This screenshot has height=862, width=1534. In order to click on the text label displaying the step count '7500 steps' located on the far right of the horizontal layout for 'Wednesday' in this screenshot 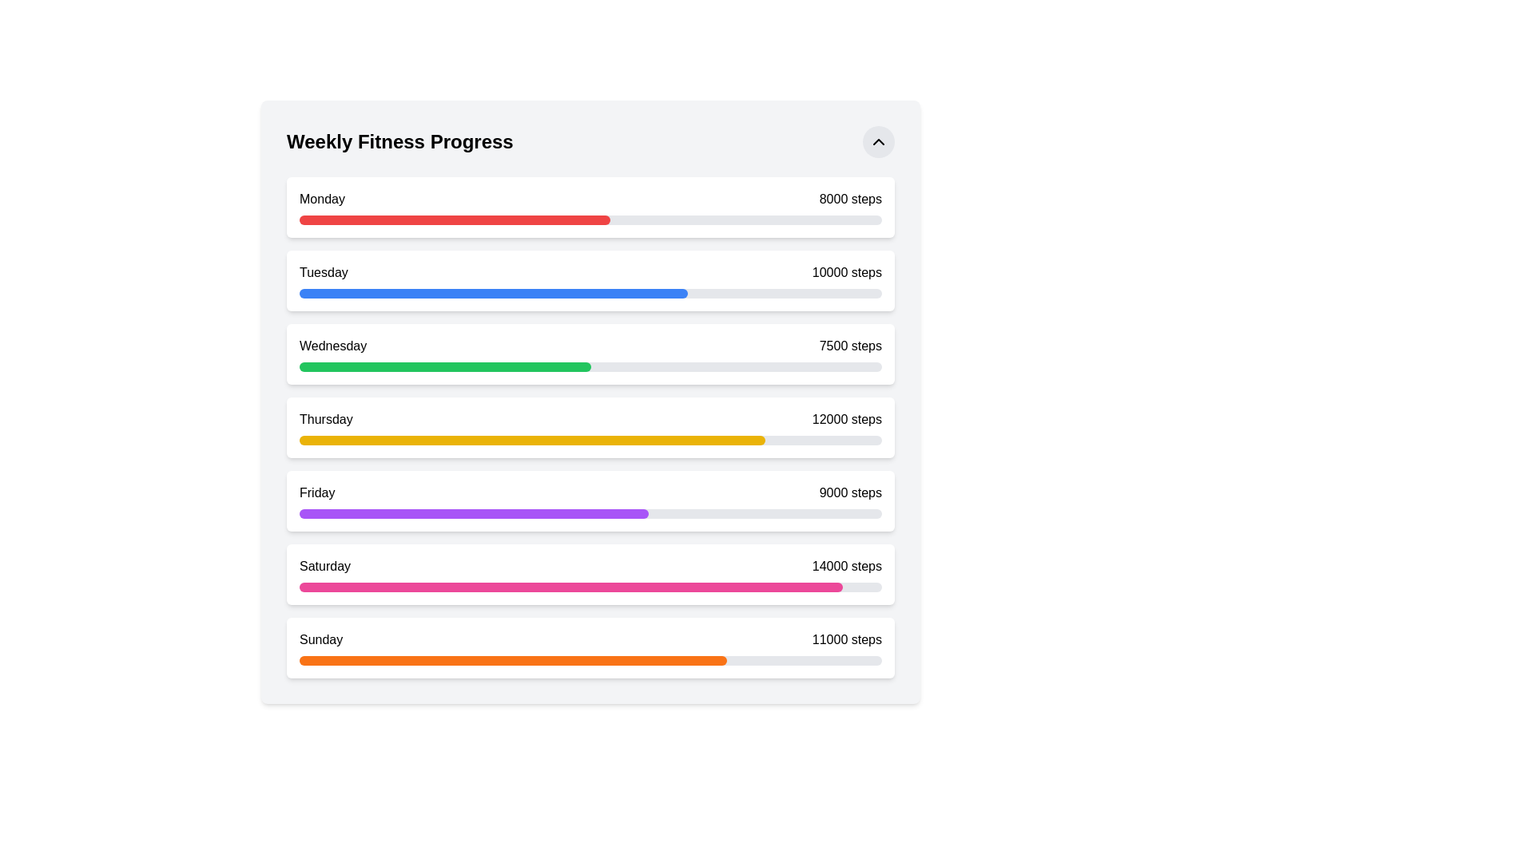, I will do `click(849, 346)`.